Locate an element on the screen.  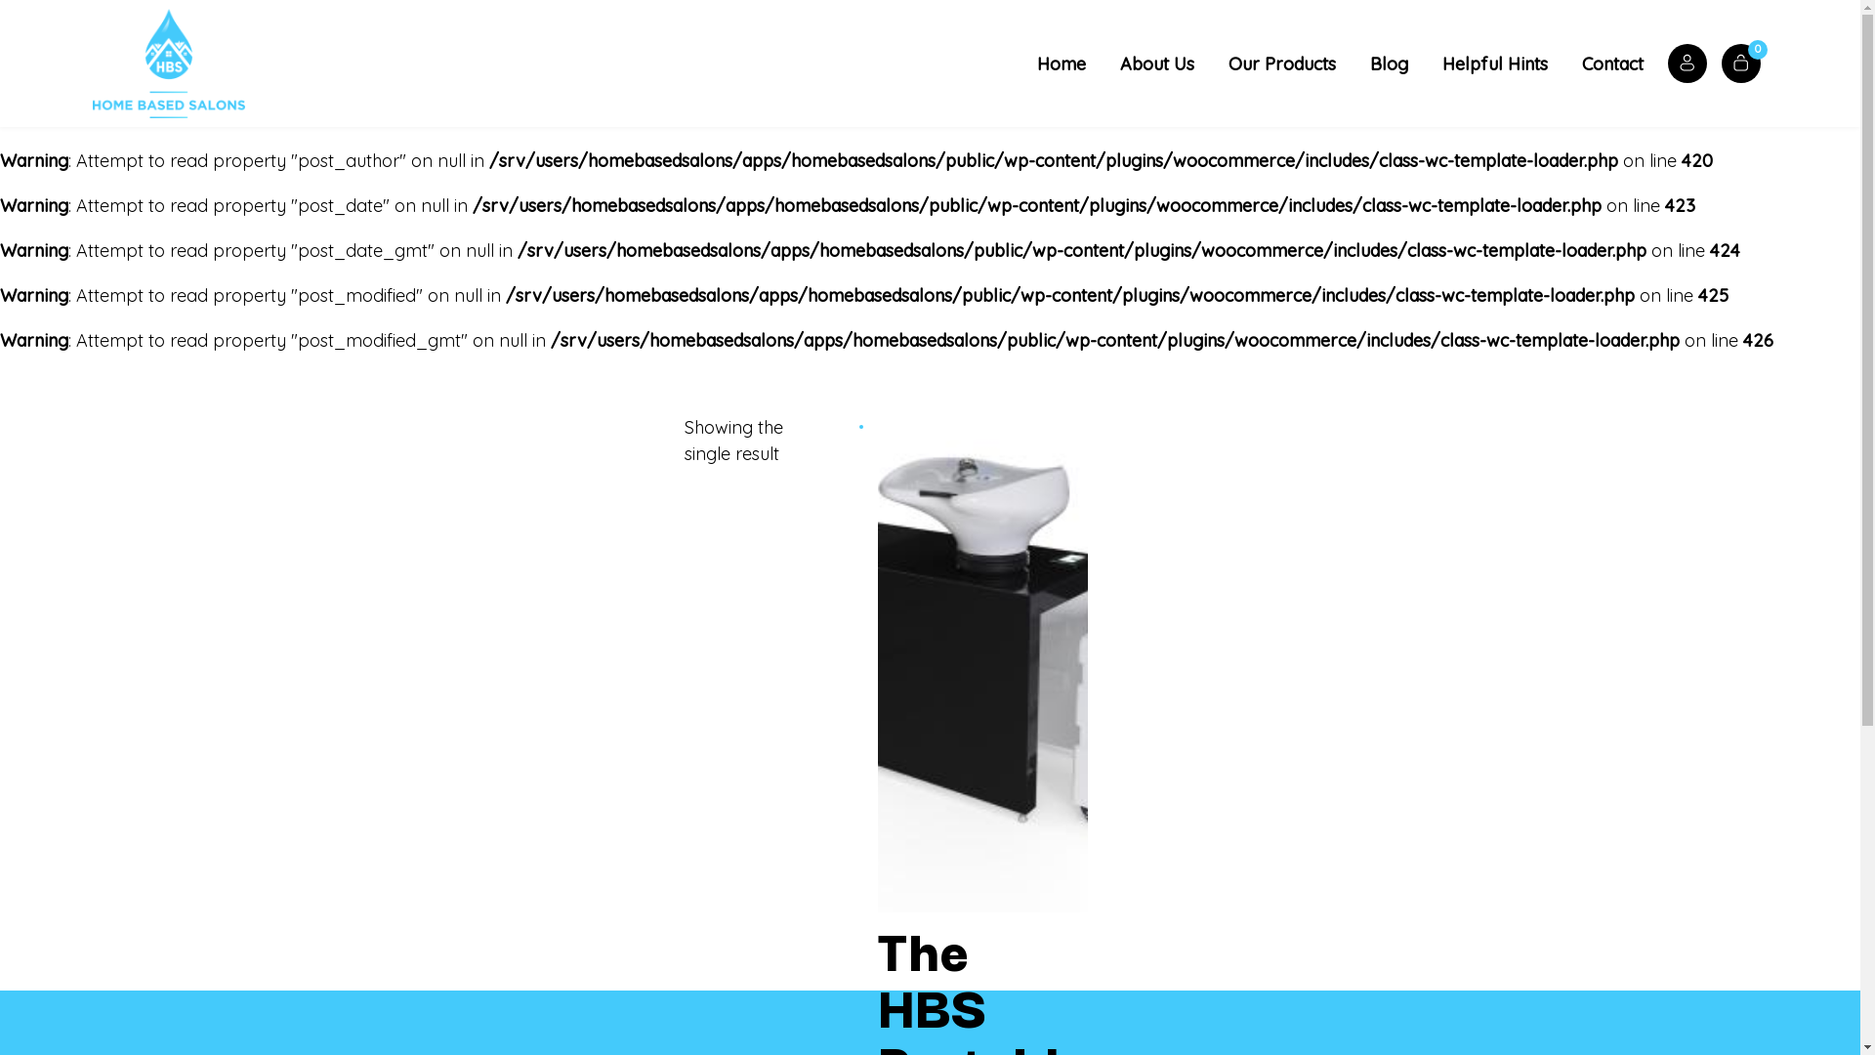
'Contact' is located at coordinates (1582, 63).